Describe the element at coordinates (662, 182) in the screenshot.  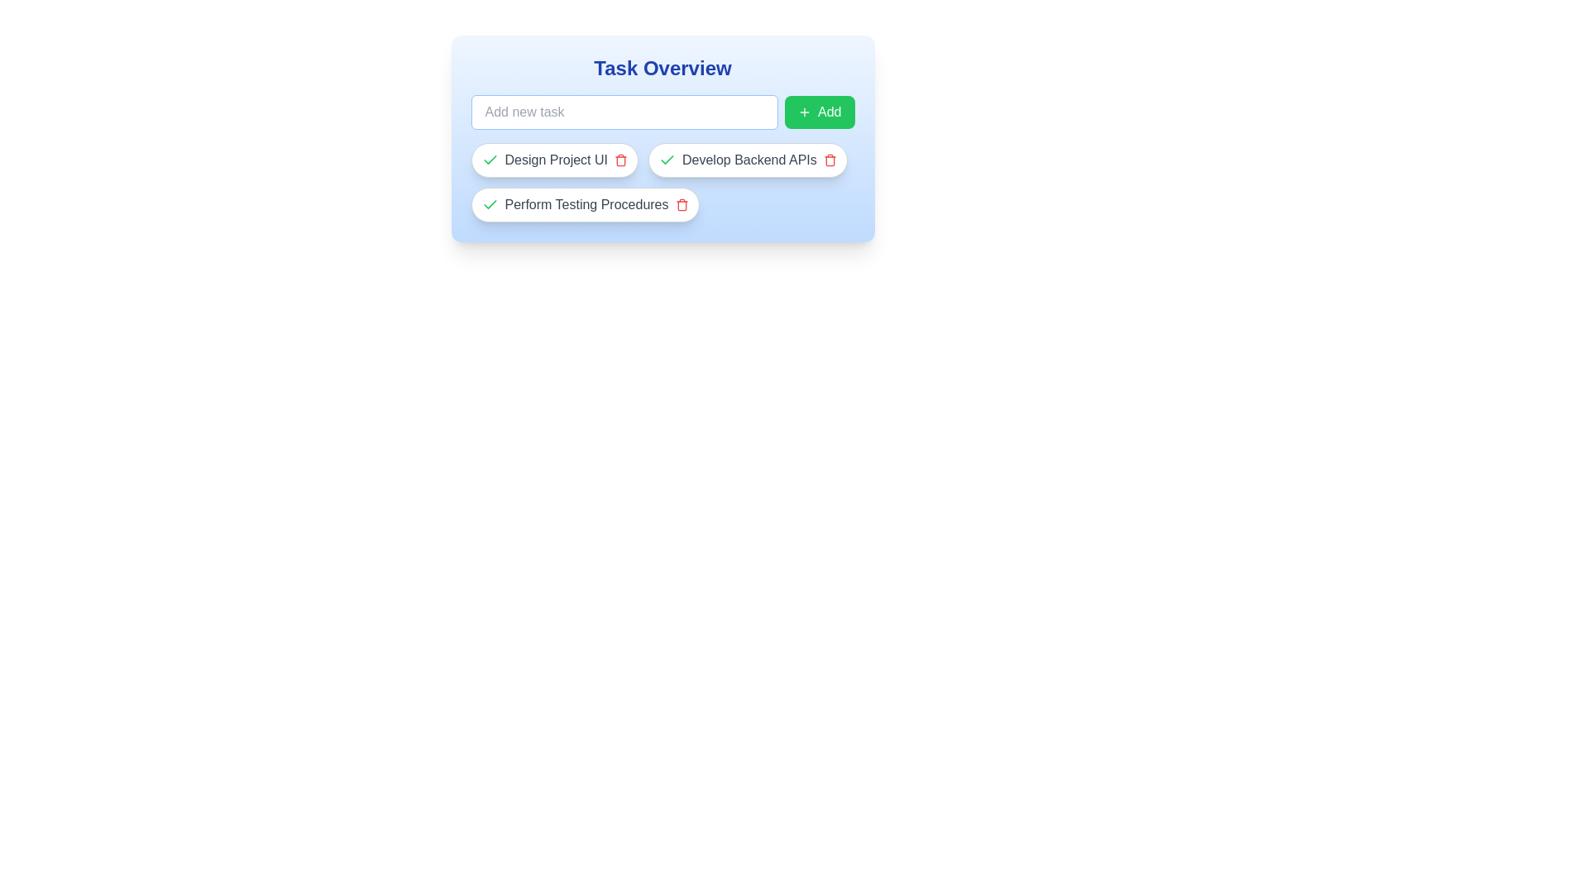
I see `the task list for better visibility` at that location.